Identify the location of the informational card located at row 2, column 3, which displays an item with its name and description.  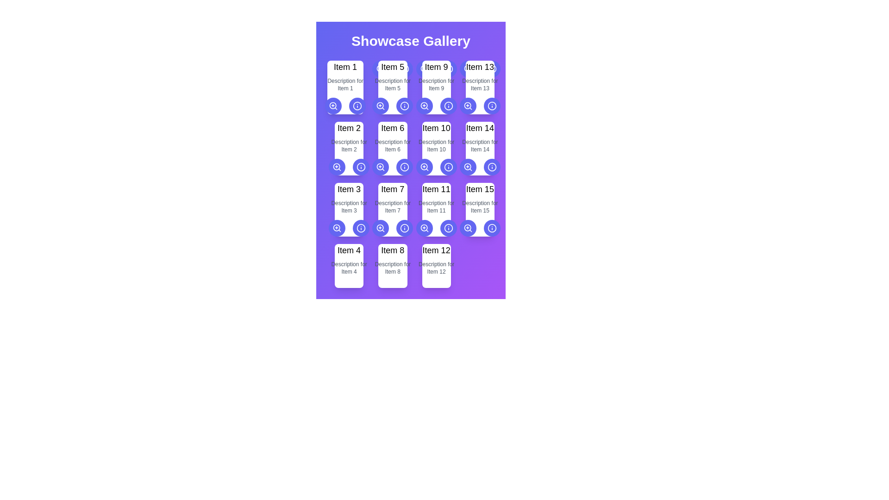
(436, 148).